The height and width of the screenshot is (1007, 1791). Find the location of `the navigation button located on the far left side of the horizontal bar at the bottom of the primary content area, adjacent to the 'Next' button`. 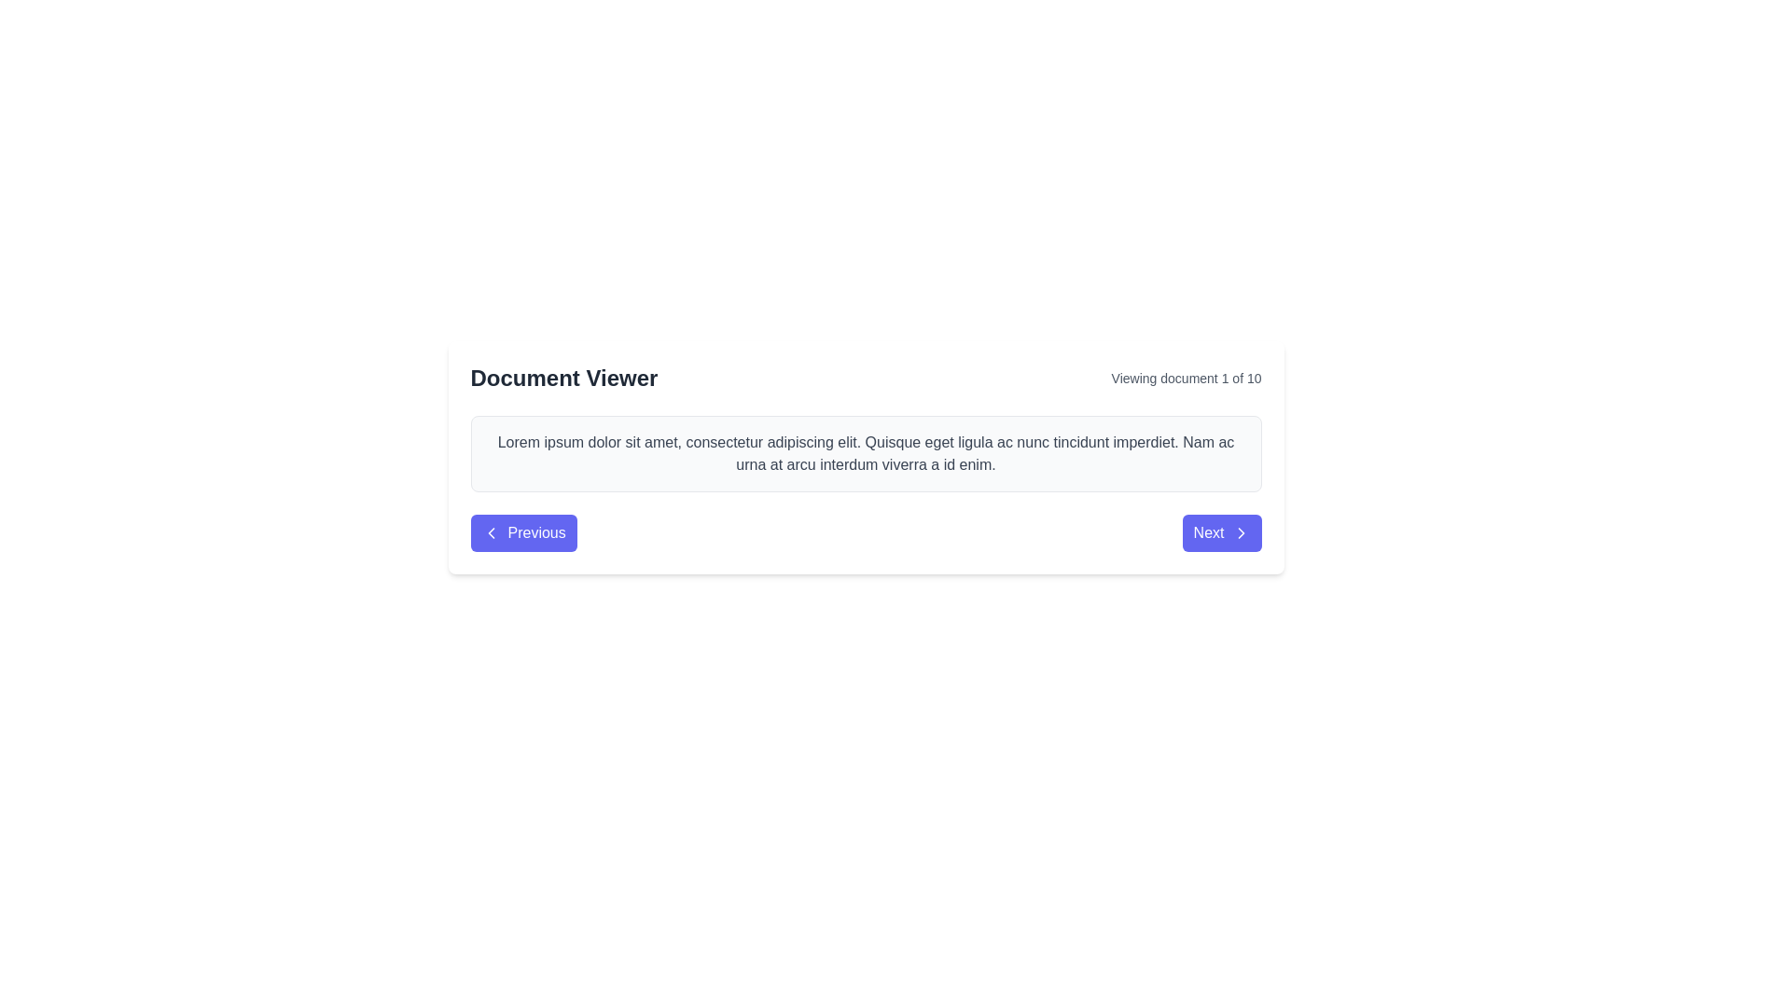

the navigation button located on the far left side of the horizontal bar at the bottom of the primary content area, adjacent to the 'Next' button is located at coordinates (522, 532).